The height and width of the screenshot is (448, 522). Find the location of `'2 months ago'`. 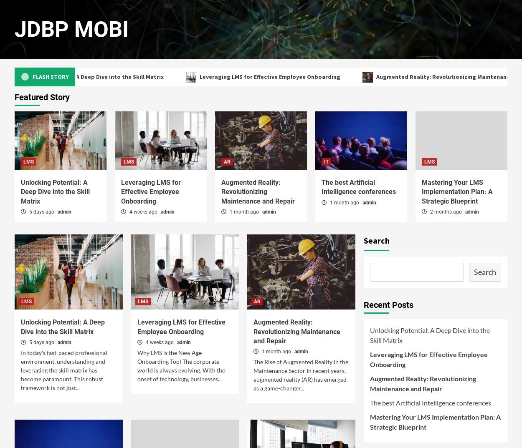

'2 months ago' is located at coordinates (446, 212).